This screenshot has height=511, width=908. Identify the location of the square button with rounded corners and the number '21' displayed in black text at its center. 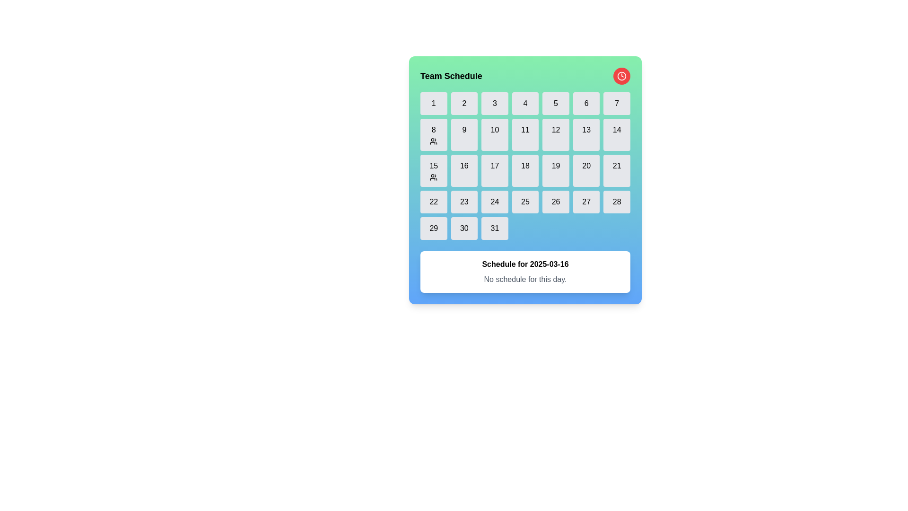
(617, 171).